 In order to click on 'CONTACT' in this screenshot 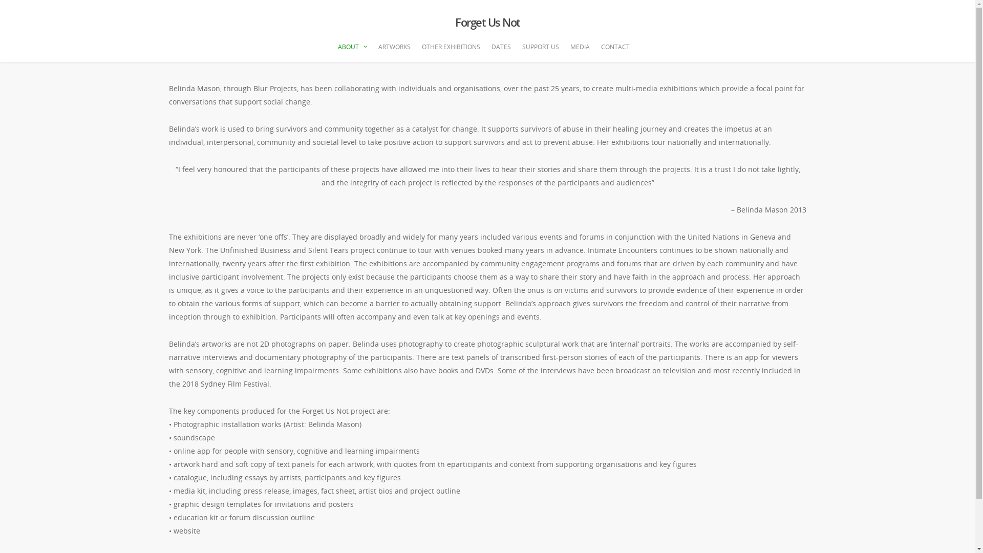, I will do `click(614, 52)`.